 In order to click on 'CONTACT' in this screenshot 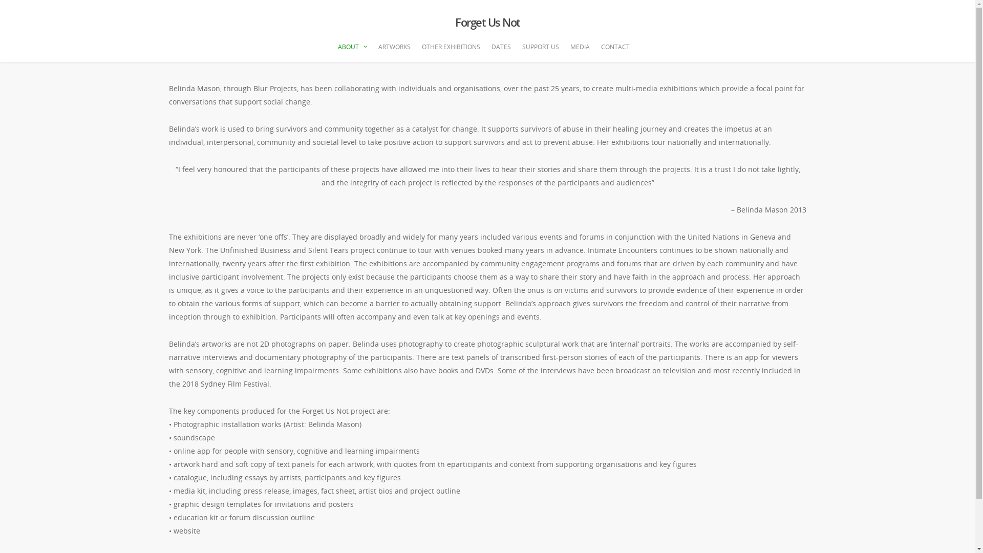, I will do `click(614, 52)`.